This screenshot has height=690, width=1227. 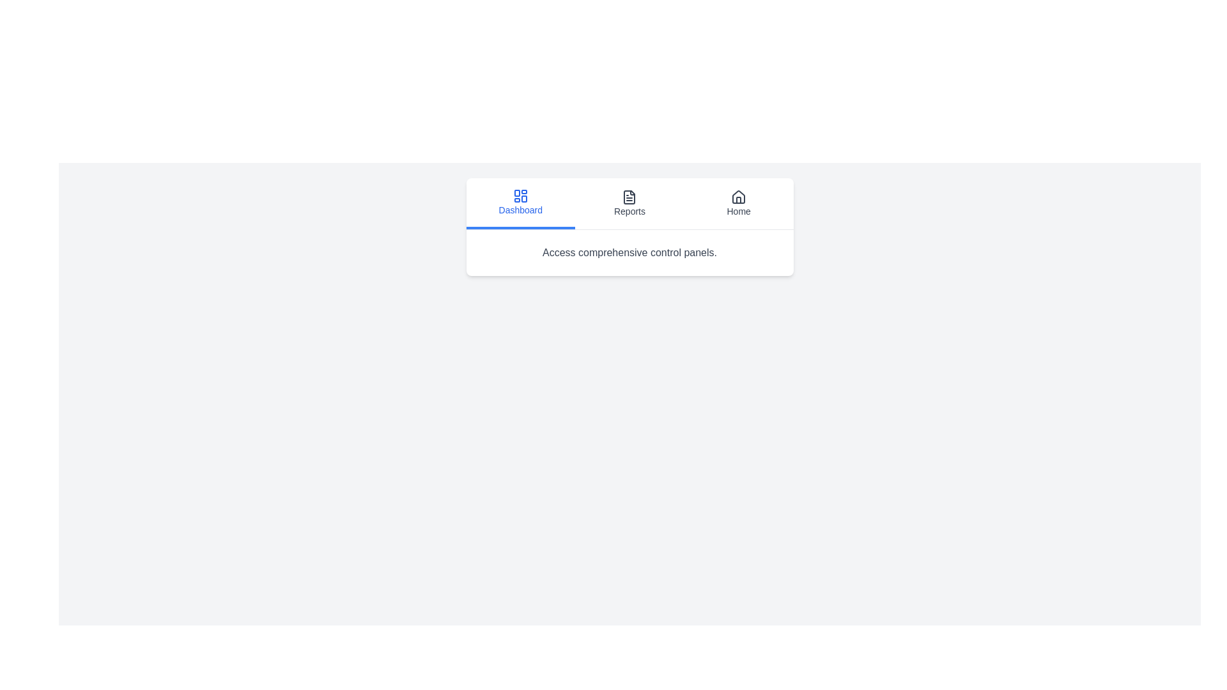 I want to click on the tab labeled Dashboard, so click(x=520, y=203).